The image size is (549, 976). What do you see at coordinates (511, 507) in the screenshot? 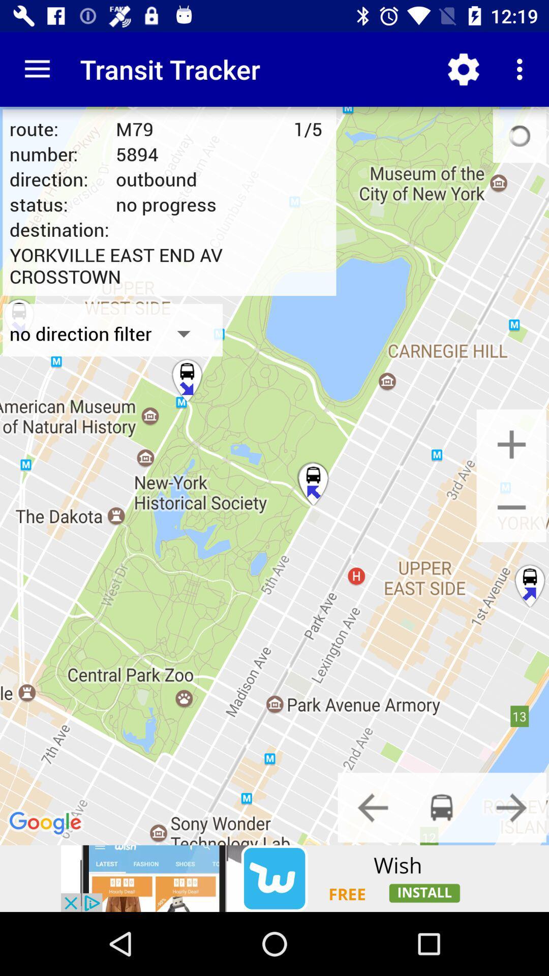
I see `zoom auto` at bounding box center [511, 507].